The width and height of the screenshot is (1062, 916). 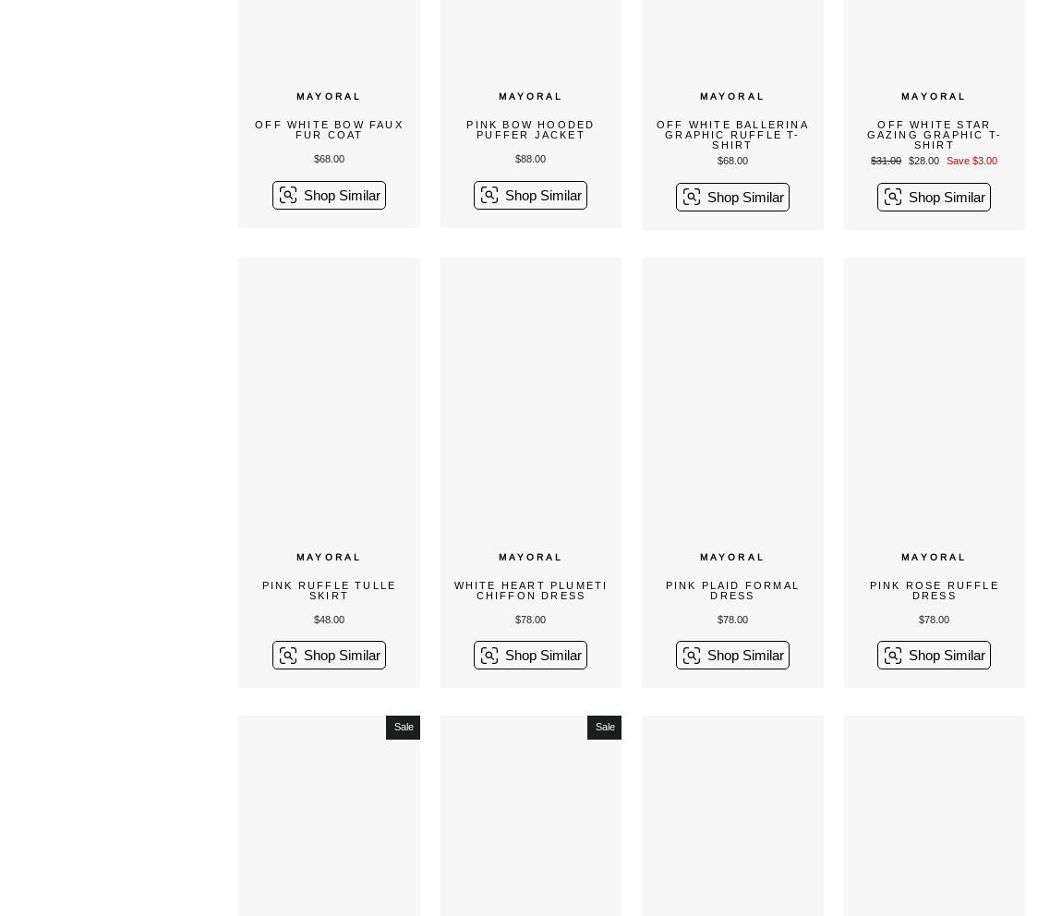 I want to click on '$88.00', so click(x=530, y=158).